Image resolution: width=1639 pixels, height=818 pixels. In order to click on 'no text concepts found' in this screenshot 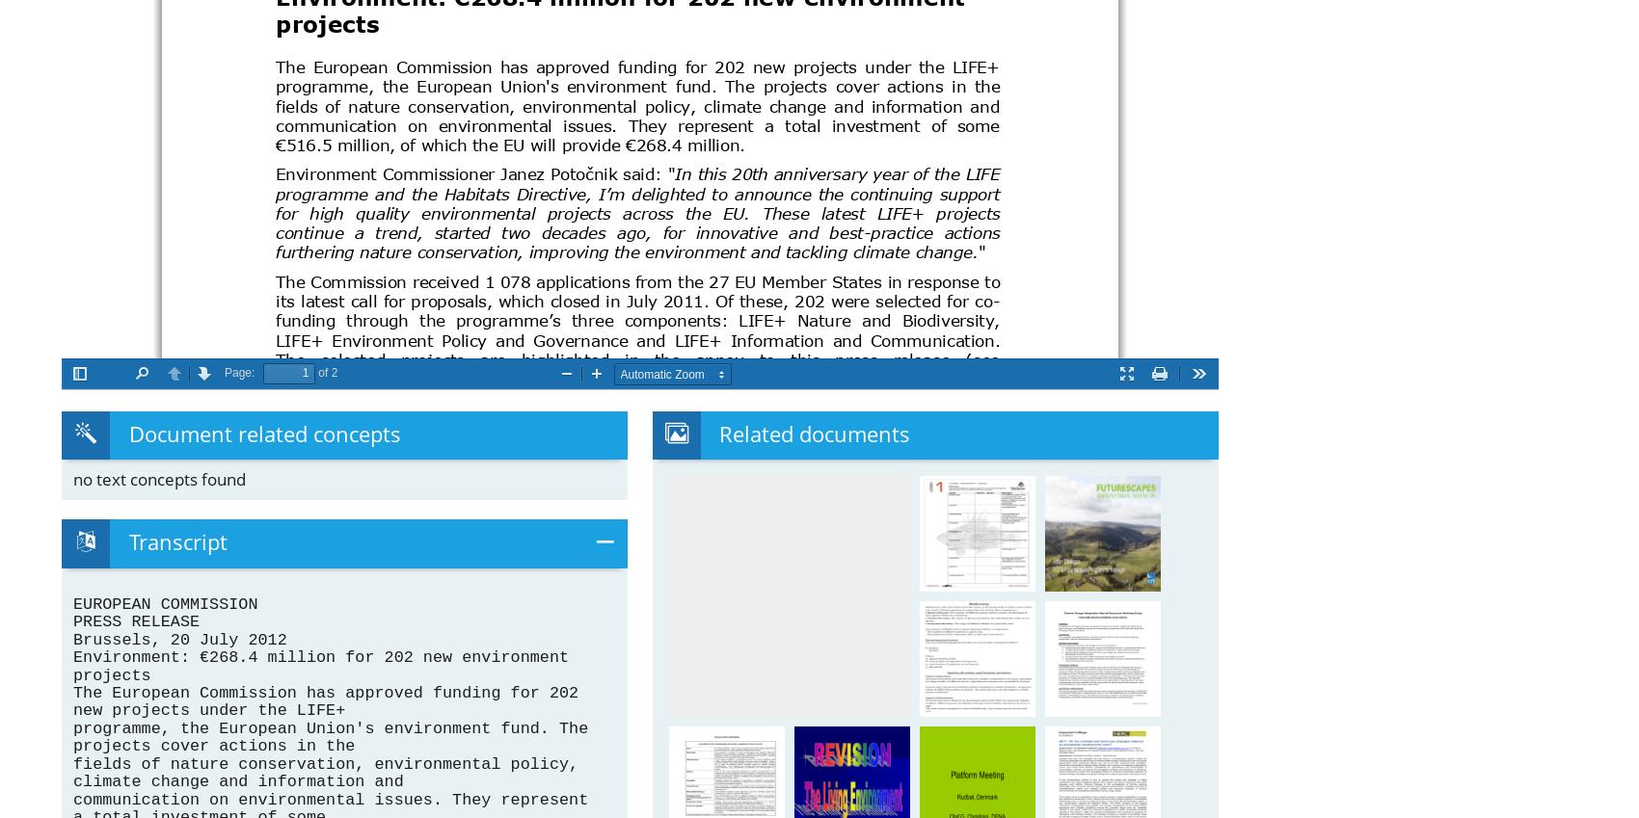, I will do `click(158, 478)`.